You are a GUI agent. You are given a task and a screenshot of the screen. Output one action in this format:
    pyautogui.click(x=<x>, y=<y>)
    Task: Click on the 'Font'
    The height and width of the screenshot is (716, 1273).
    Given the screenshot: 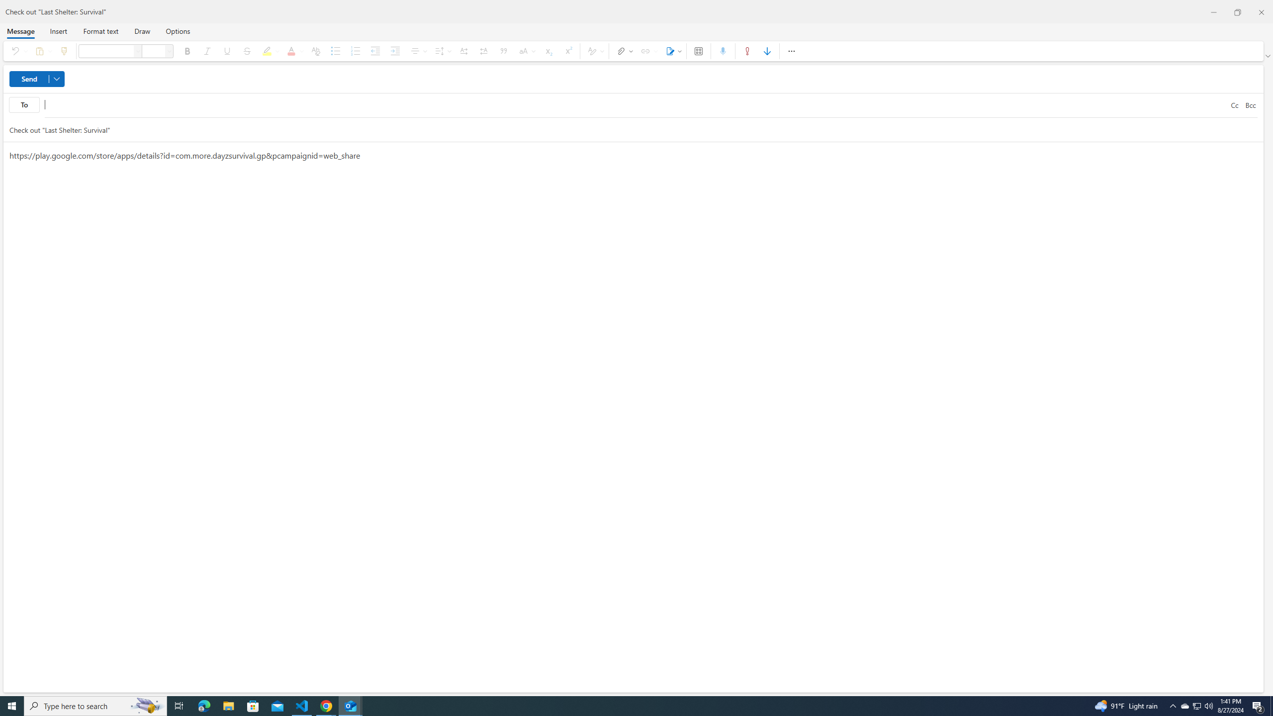 What is the action you would take?
    pyautogui.click(x=105, y=51)
    